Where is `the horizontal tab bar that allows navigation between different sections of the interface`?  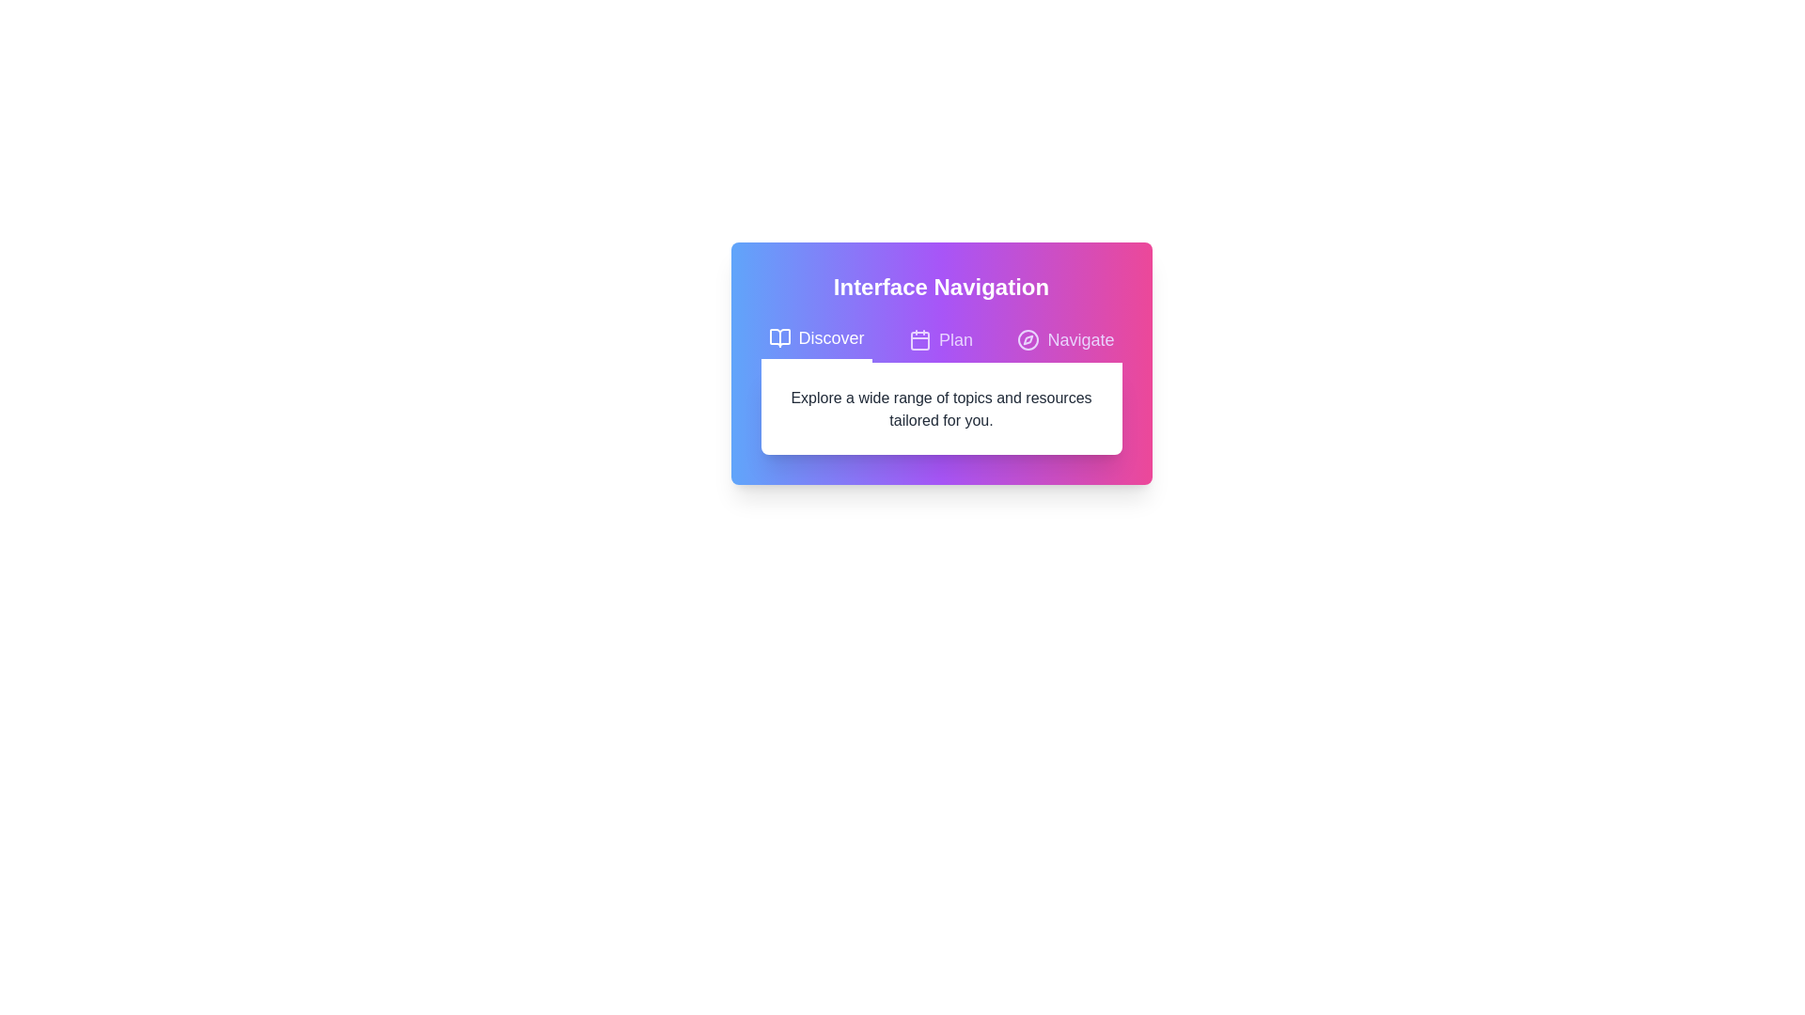
the horizontal tab bar that allows navigation between different sections of the interface is located at coordinates (941, 340).